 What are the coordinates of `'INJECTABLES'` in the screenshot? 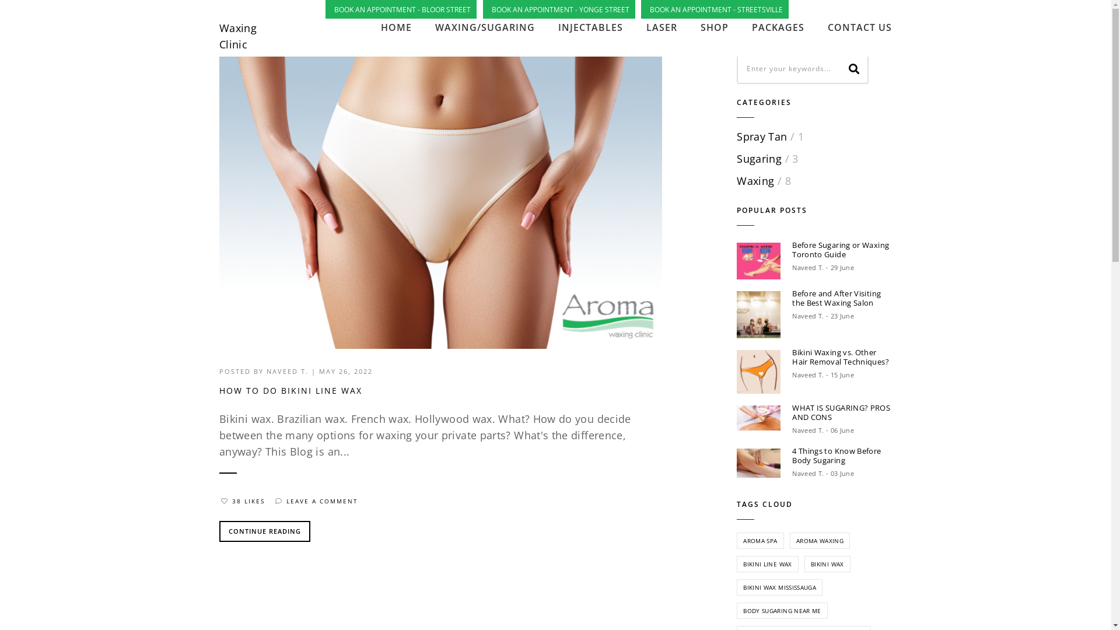 It's located at (590, 27).